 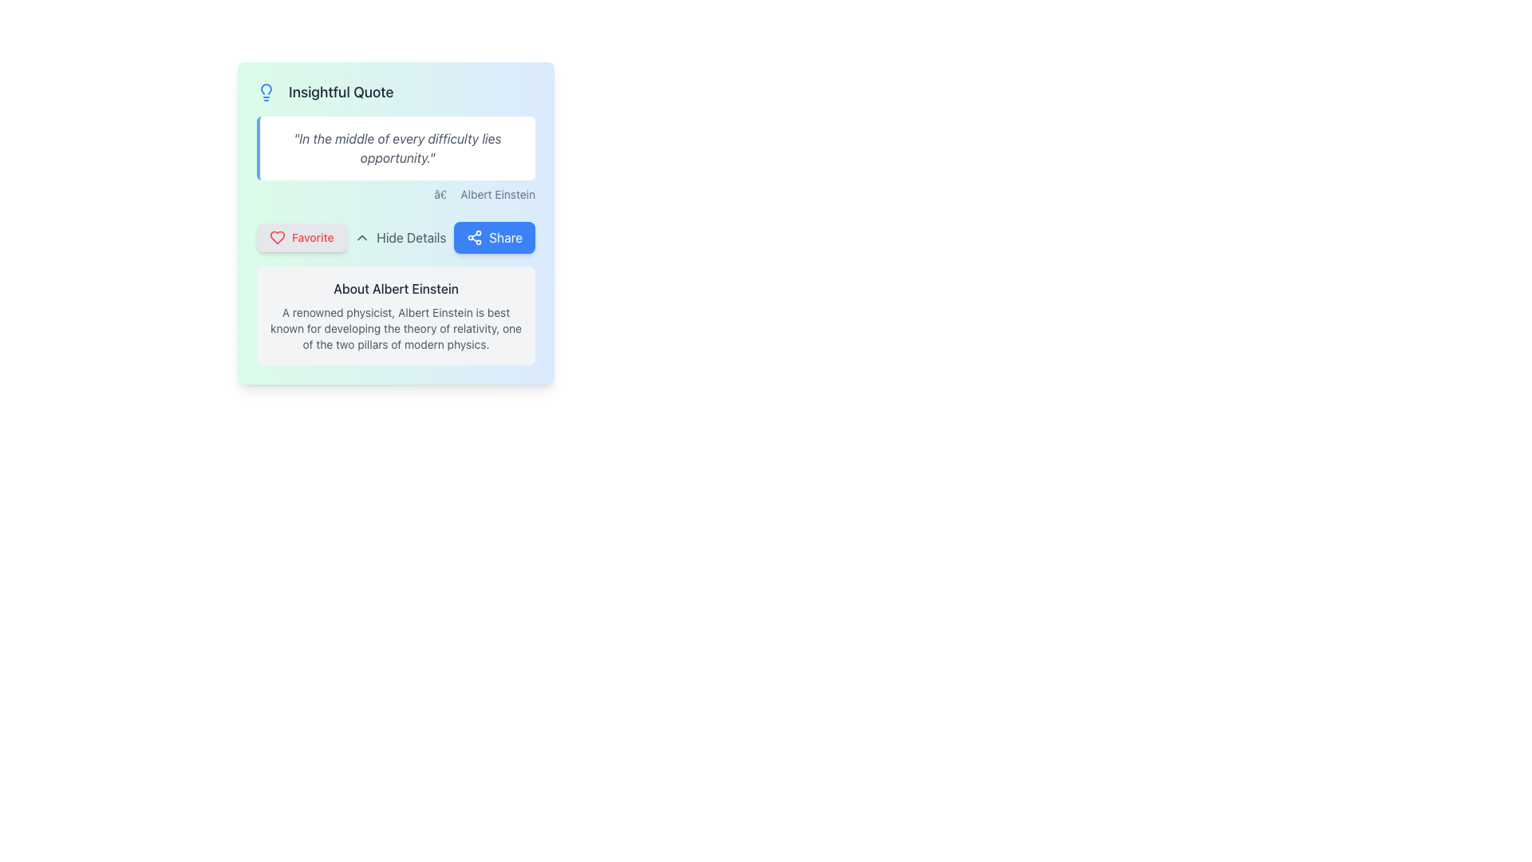 What do you see at coordinates (396, 289) in the screenshot?
I see `the text header that says 'About Albert Einstein', which is styled with a medium weight font and is placed above the content describing Albert Einstein` at bounding box center [396, 289].